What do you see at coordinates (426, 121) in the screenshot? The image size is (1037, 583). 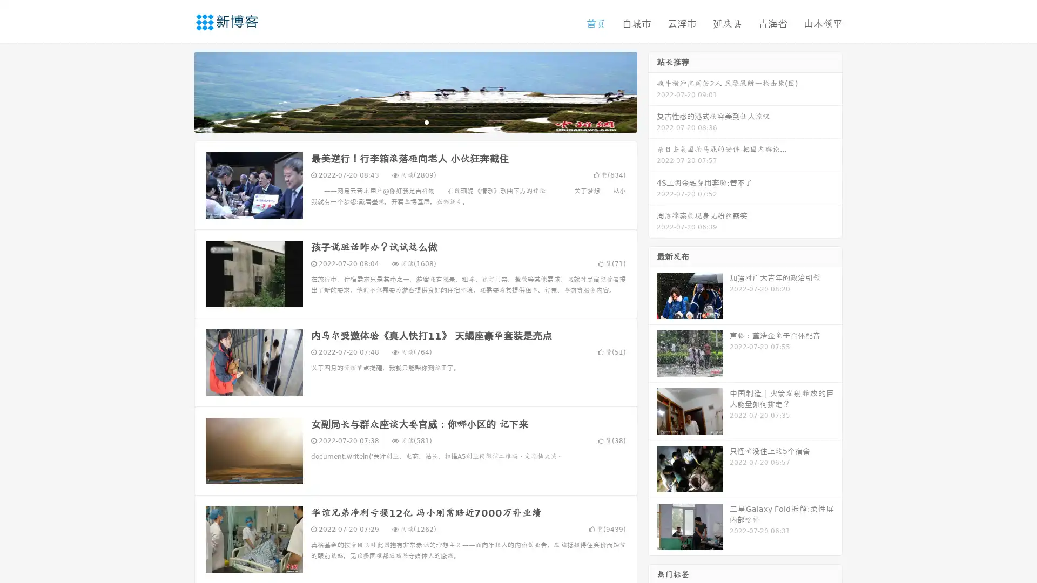 I see `Go to slide 3` at bounding box center [426, 121].